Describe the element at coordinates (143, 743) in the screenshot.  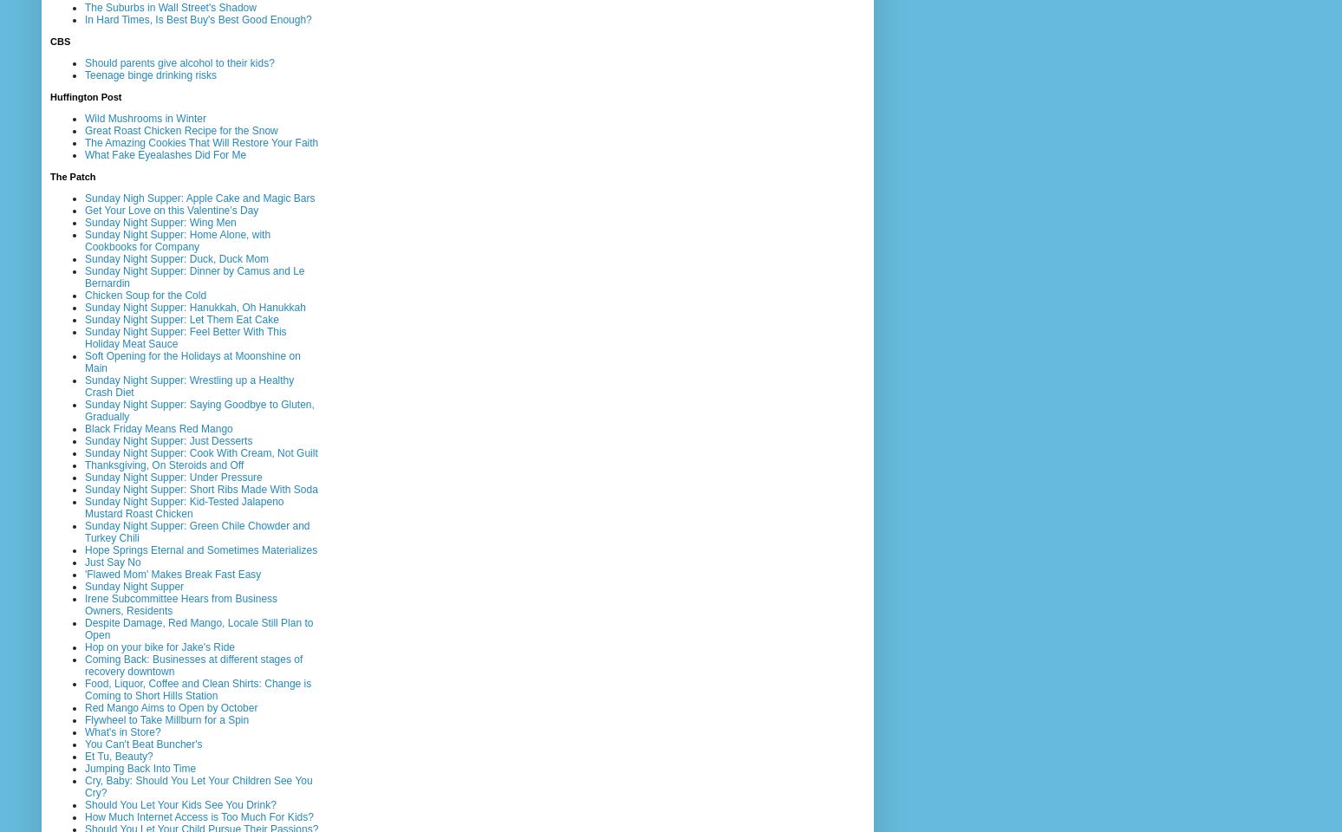
I see `'You Can't Beat Buncher's'` at that location.